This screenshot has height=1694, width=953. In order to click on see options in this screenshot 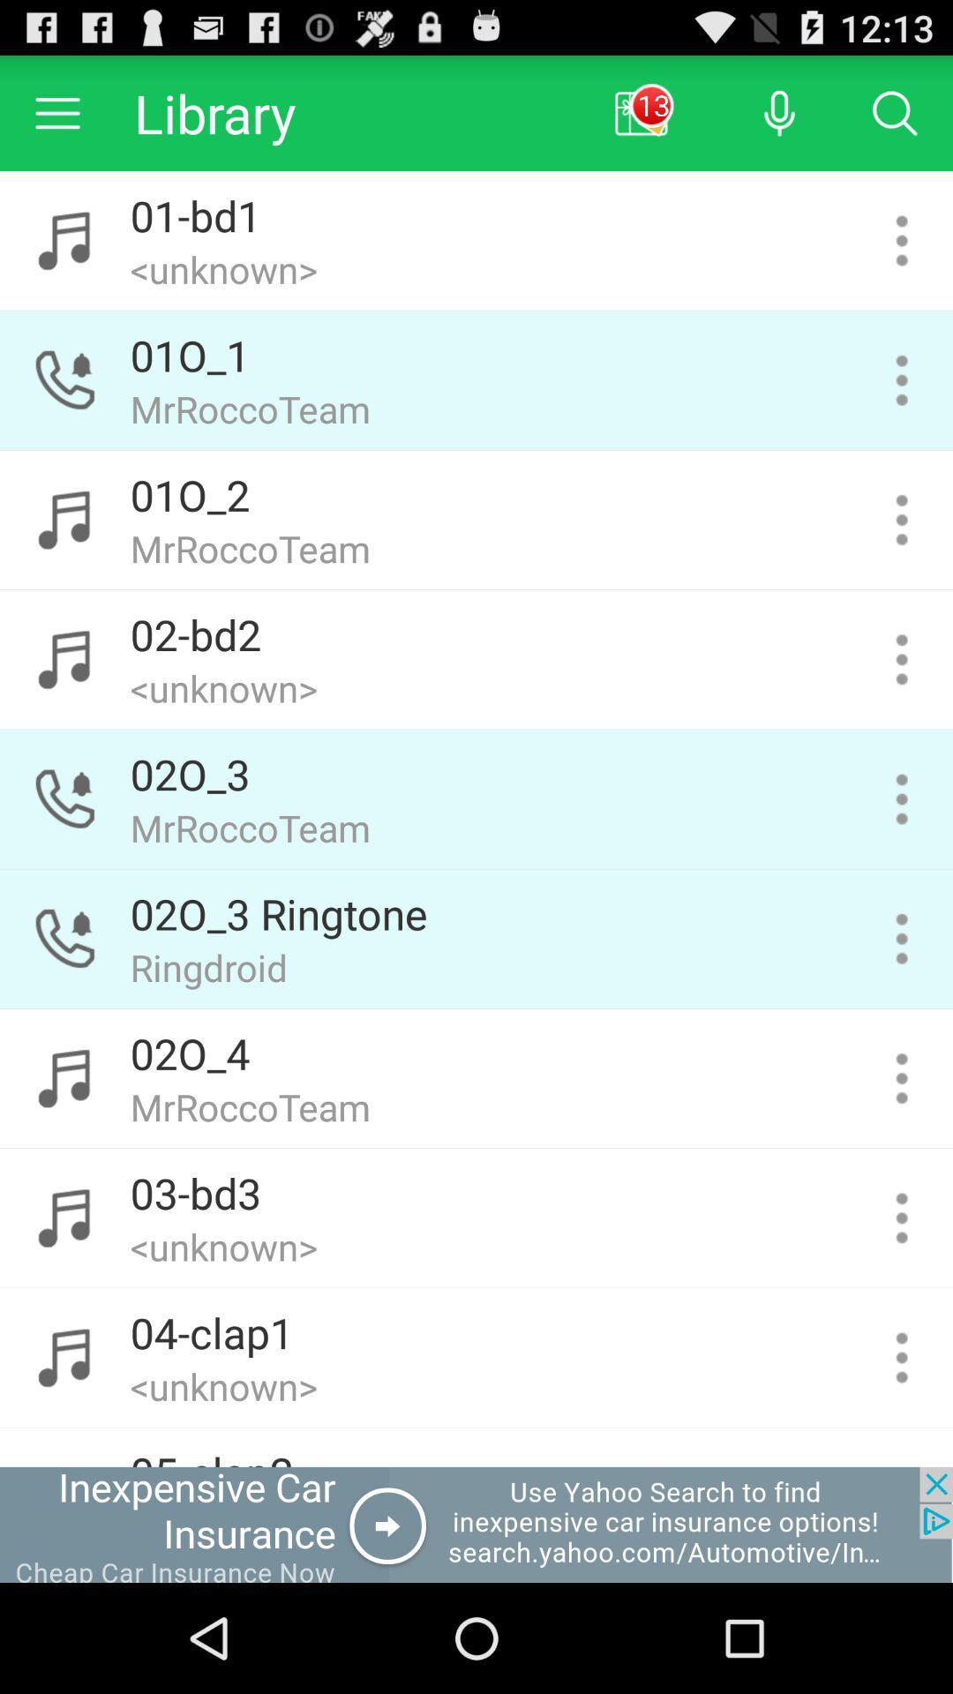, I will do `click(902, 519)`.